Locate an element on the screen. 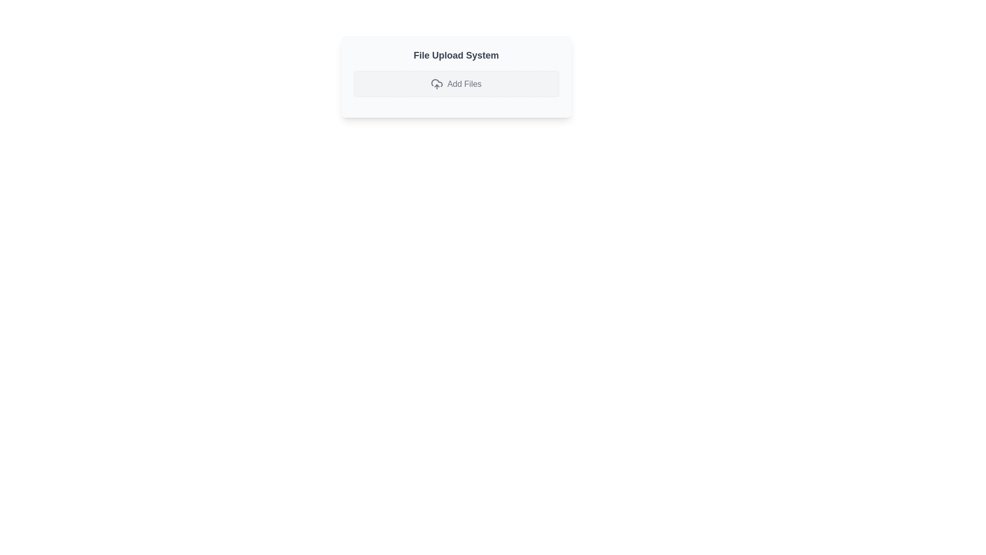  the unique 'Add Files' dashed box in the 'File Upload System' interface card, which is centered below the header and has a light gray background is located at coordinates (456, 76).